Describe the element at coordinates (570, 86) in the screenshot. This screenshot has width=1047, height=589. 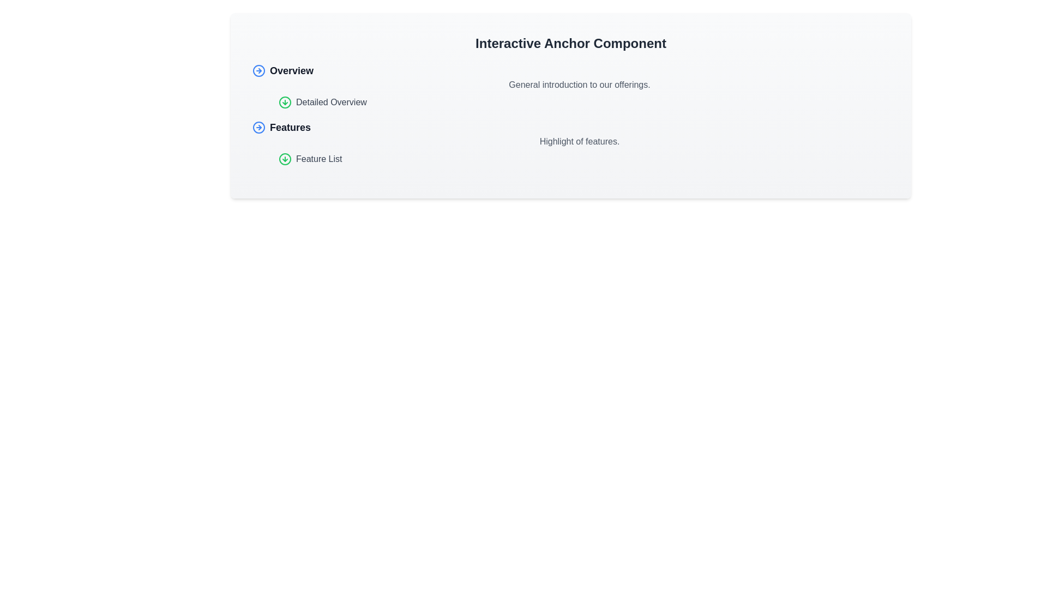
I see `introductory text under the 'Overview' section header, which provides a general introduction to our offerings` at that location.